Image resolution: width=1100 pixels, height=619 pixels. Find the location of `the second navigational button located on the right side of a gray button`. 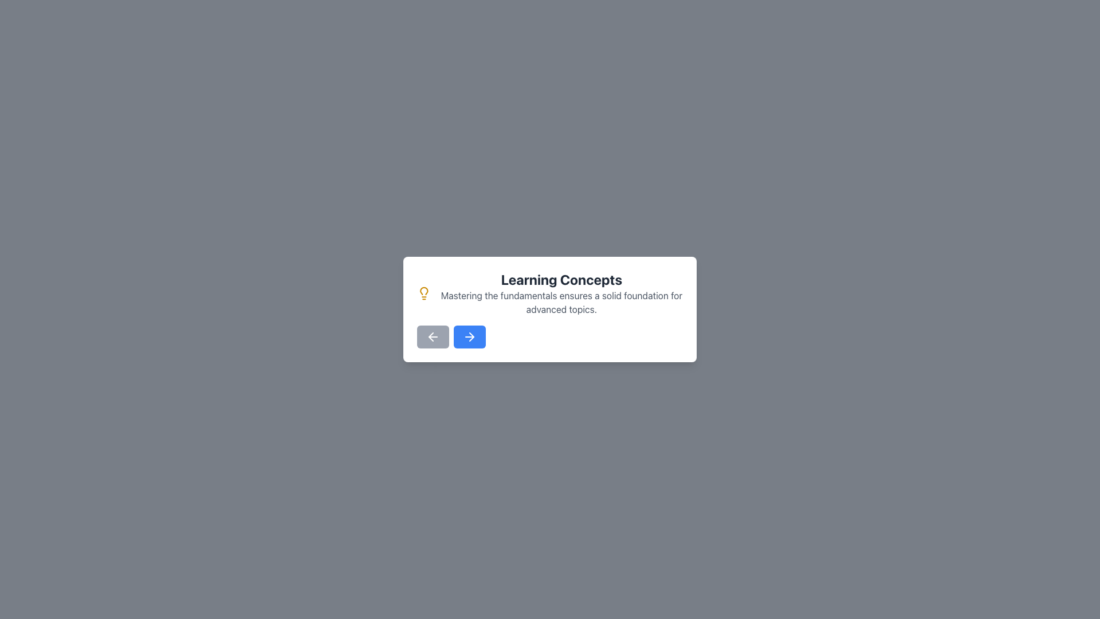

the second navigational button located on the right side of a gray button is located at coordinates (470, 336).